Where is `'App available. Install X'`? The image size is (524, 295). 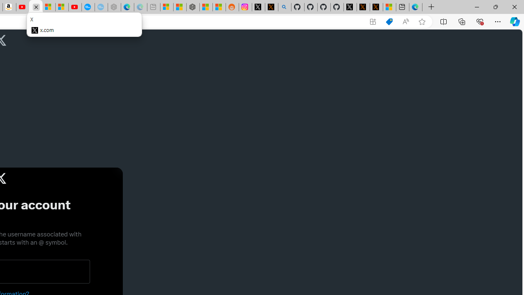 'App available. Install X' is located at coordinates (372, 21).